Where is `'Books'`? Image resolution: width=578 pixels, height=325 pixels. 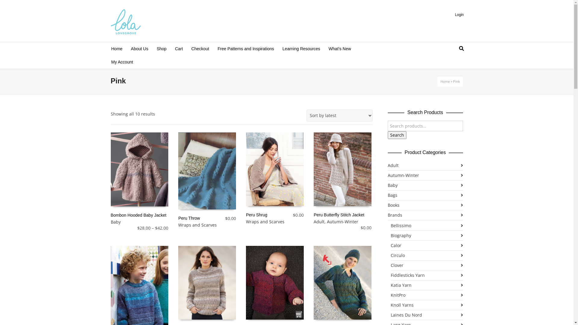
'Books' is located at coordinates (425, 205).